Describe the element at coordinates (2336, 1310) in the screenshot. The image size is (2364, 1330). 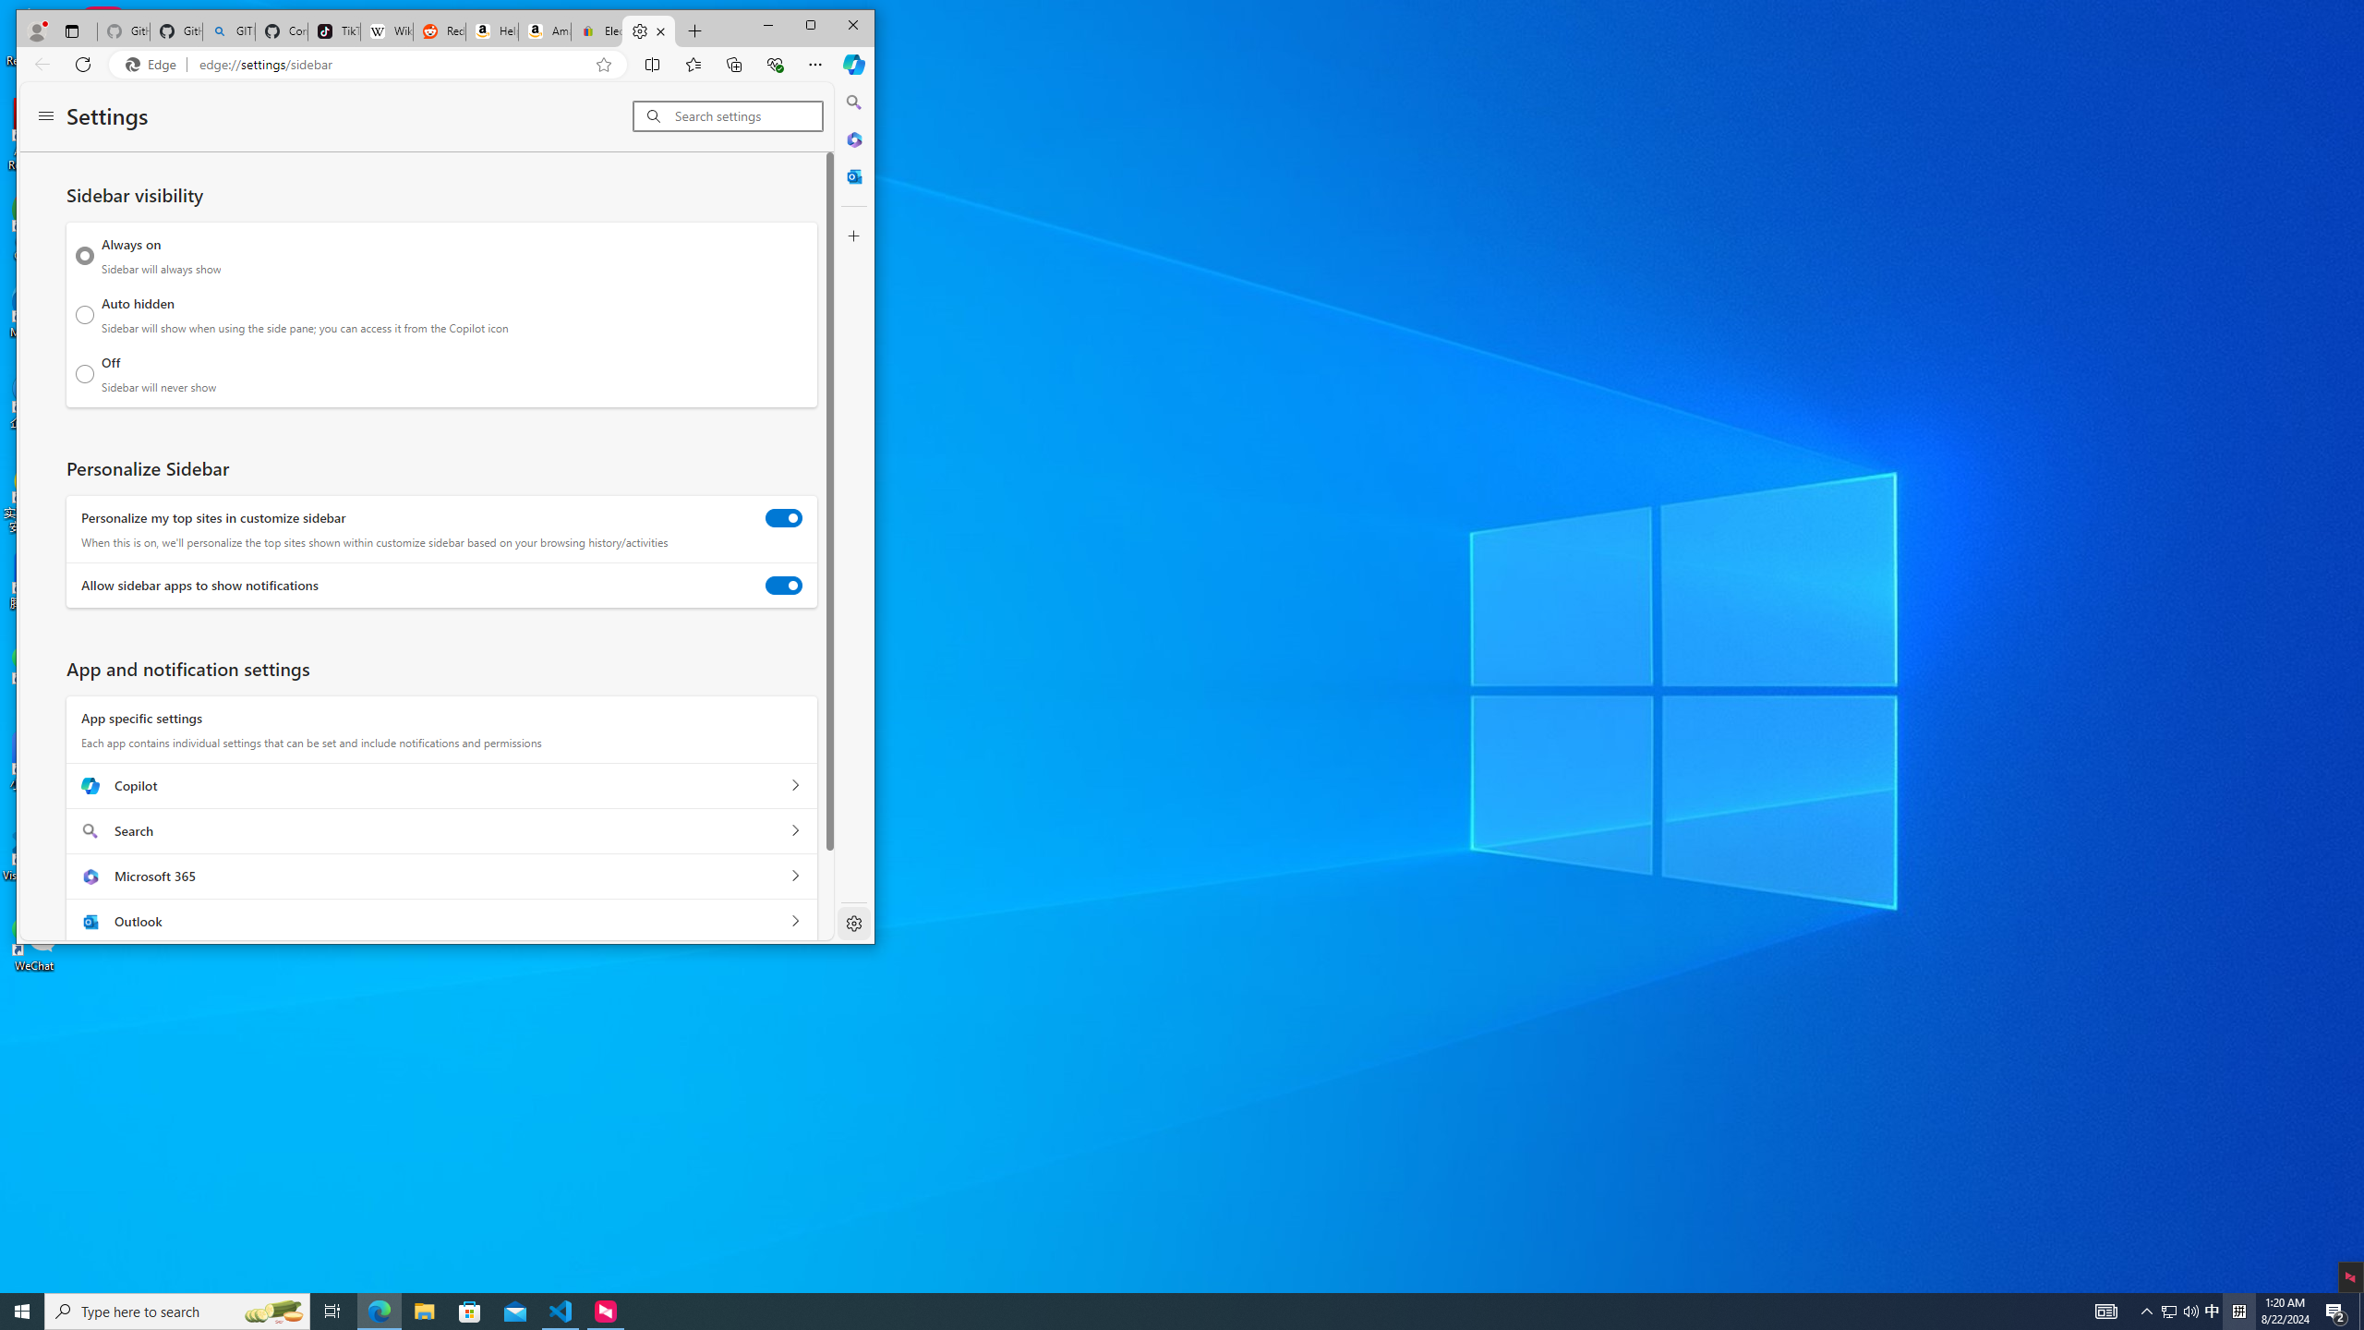
I see `'Action Center, 2 new notifications'` at that location.